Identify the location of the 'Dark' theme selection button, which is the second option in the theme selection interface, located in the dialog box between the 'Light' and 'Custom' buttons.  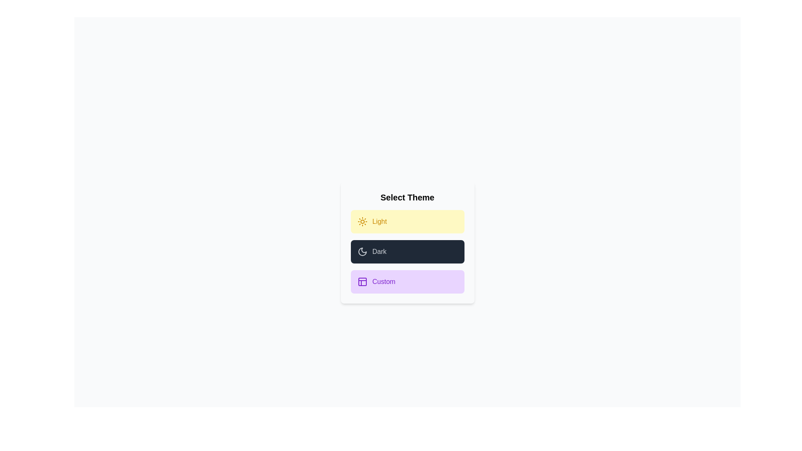
(407, 243).